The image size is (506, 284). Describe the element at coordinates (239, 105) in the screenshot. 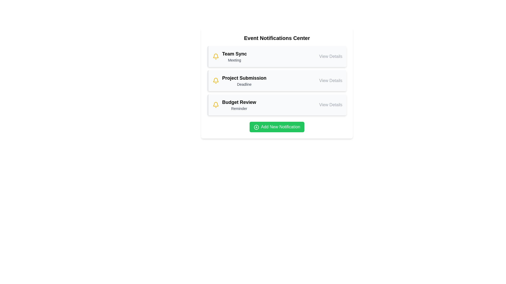

I see `the third notification item in the vertical list that displays a 'Budget Review' title and 'Reminder' note` at that location.